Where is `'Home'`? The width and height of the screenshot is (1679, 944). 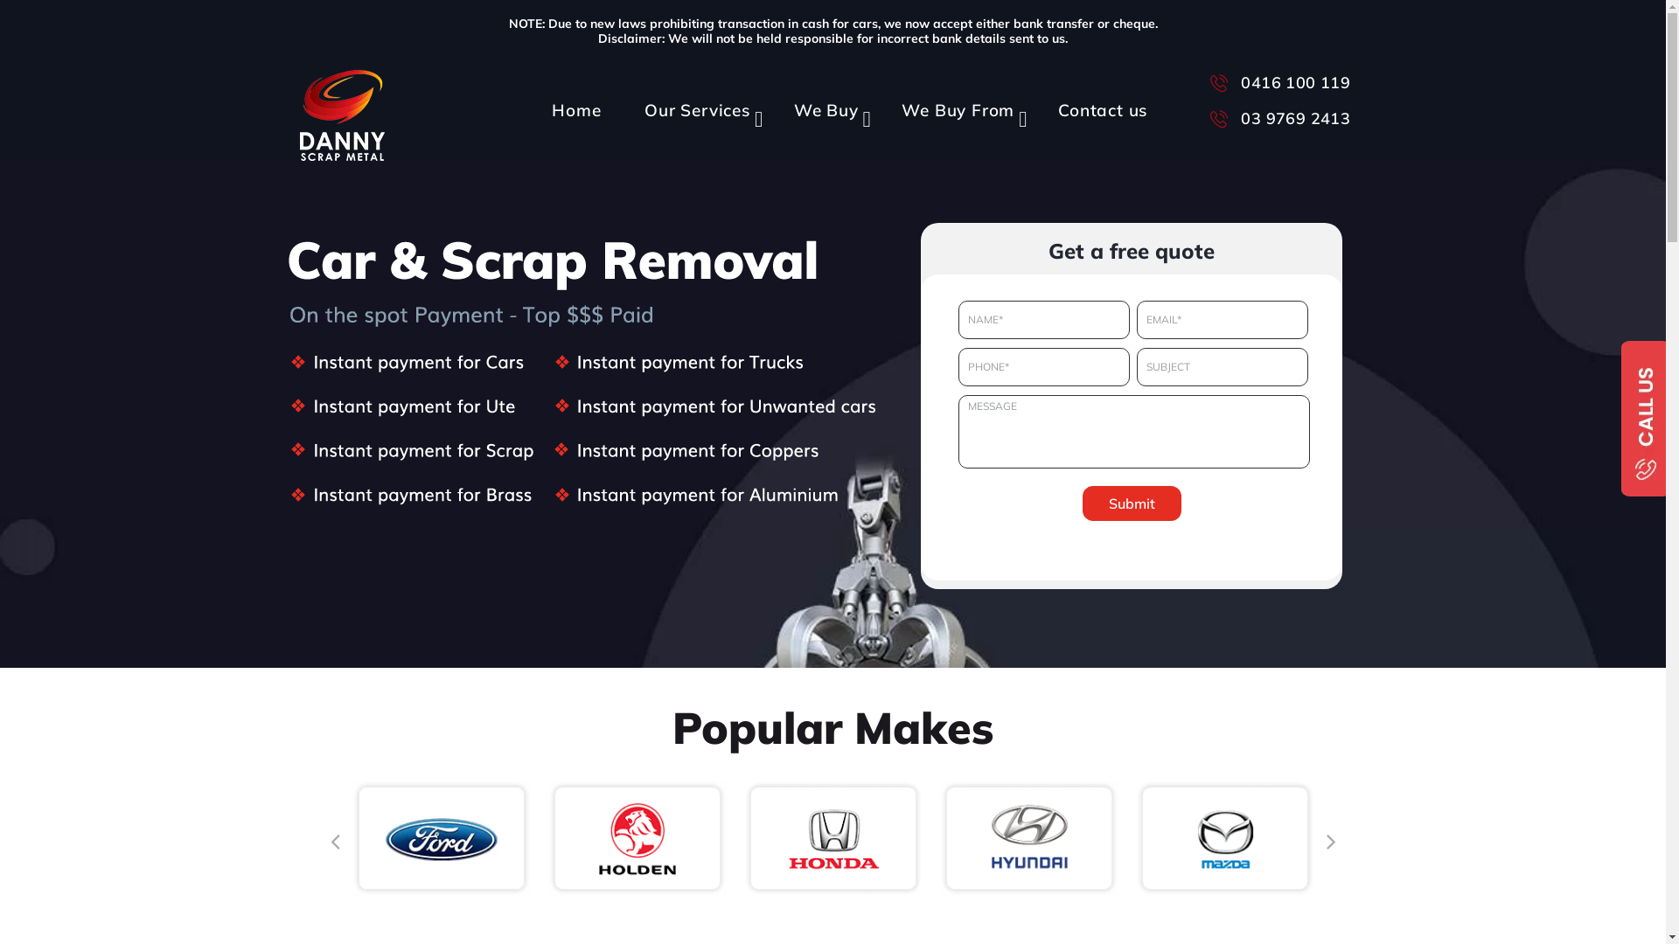 'Home' is located at coordinates (571, 101).